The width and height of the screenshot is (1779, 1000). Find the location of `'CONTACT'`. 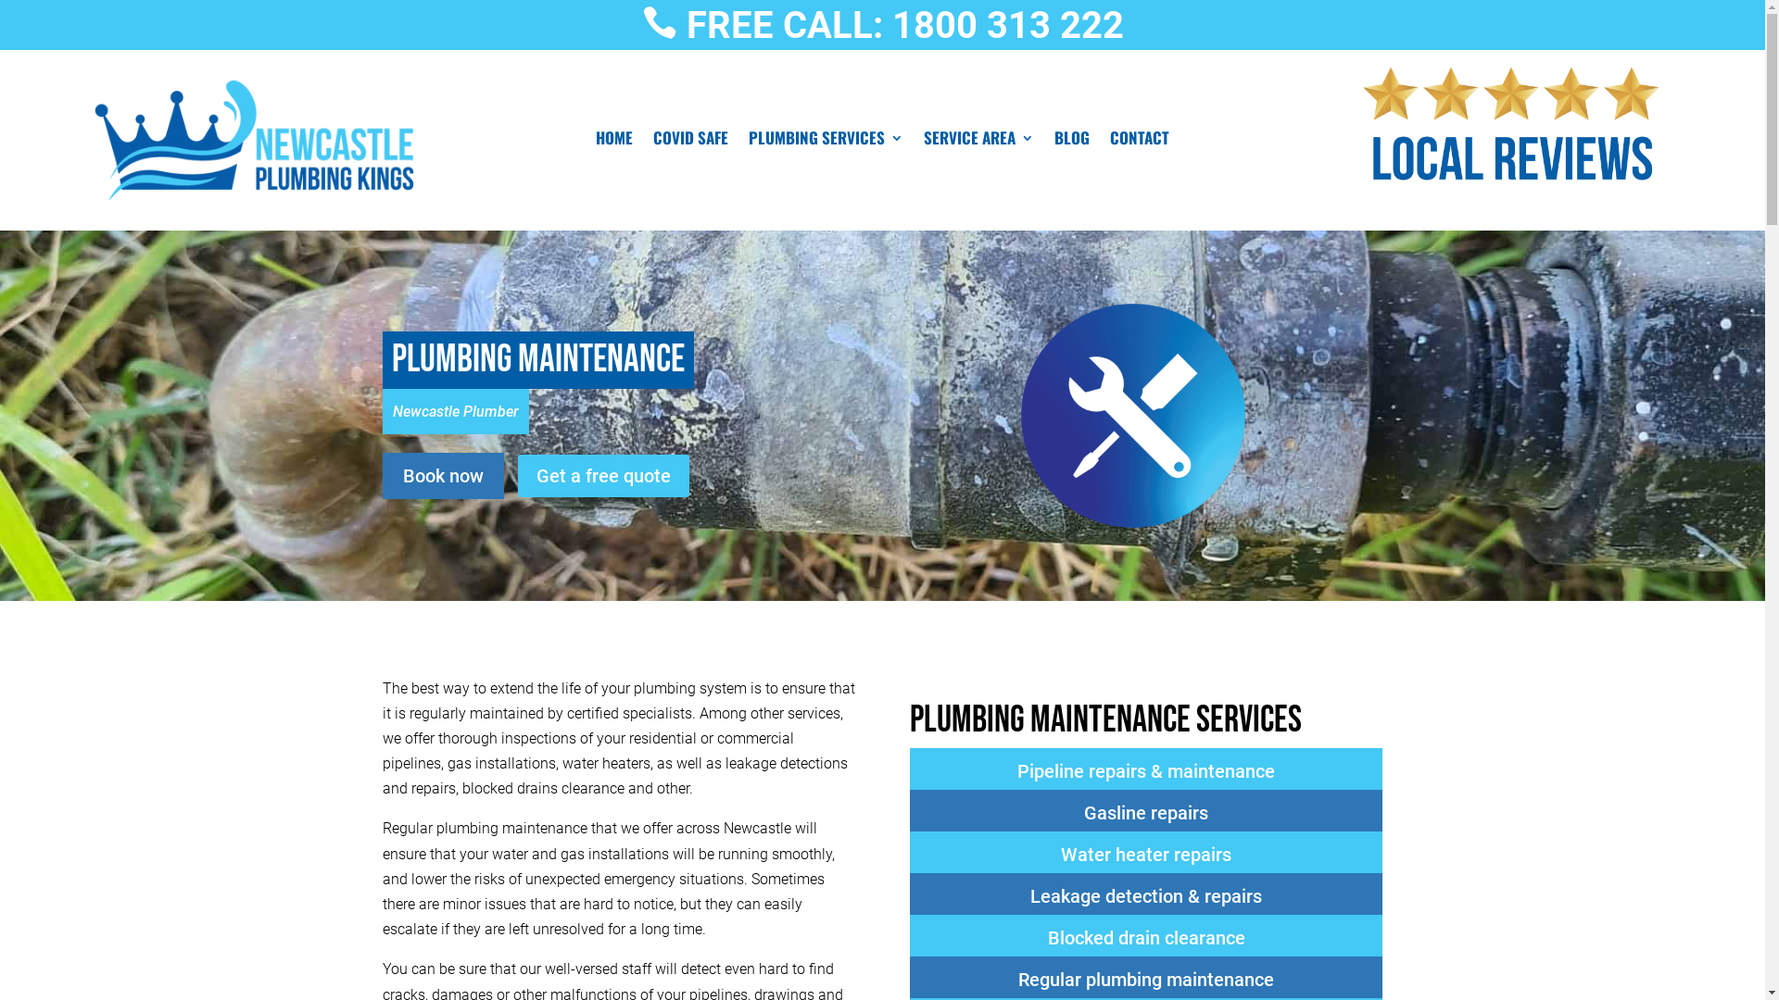

'CONTACT' is located at coordinates (1138, 141).